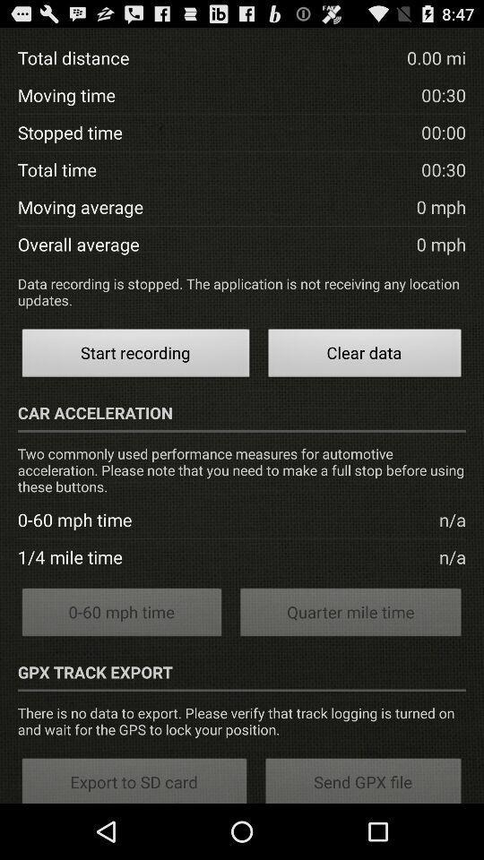 Image resolution: width=484 pixels, height=860 pixels. Describe the element at coordinates (363, 778) in the screenshot. I see `item next to export to sd` at that location.